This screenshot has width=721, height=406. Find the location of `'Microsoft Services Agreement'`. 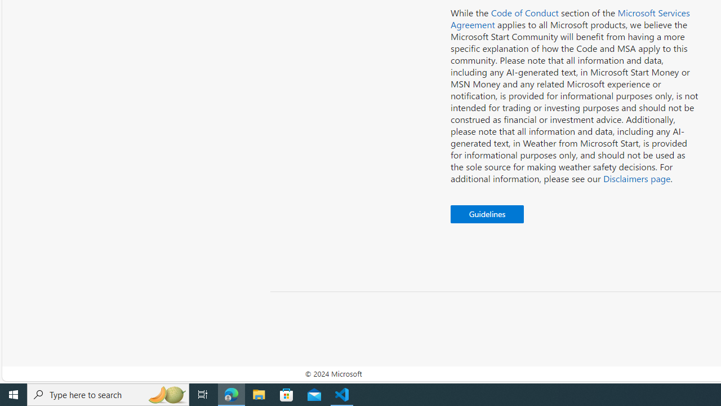

'Microsoft Services Agreement' is located at coordinates (570, 19).